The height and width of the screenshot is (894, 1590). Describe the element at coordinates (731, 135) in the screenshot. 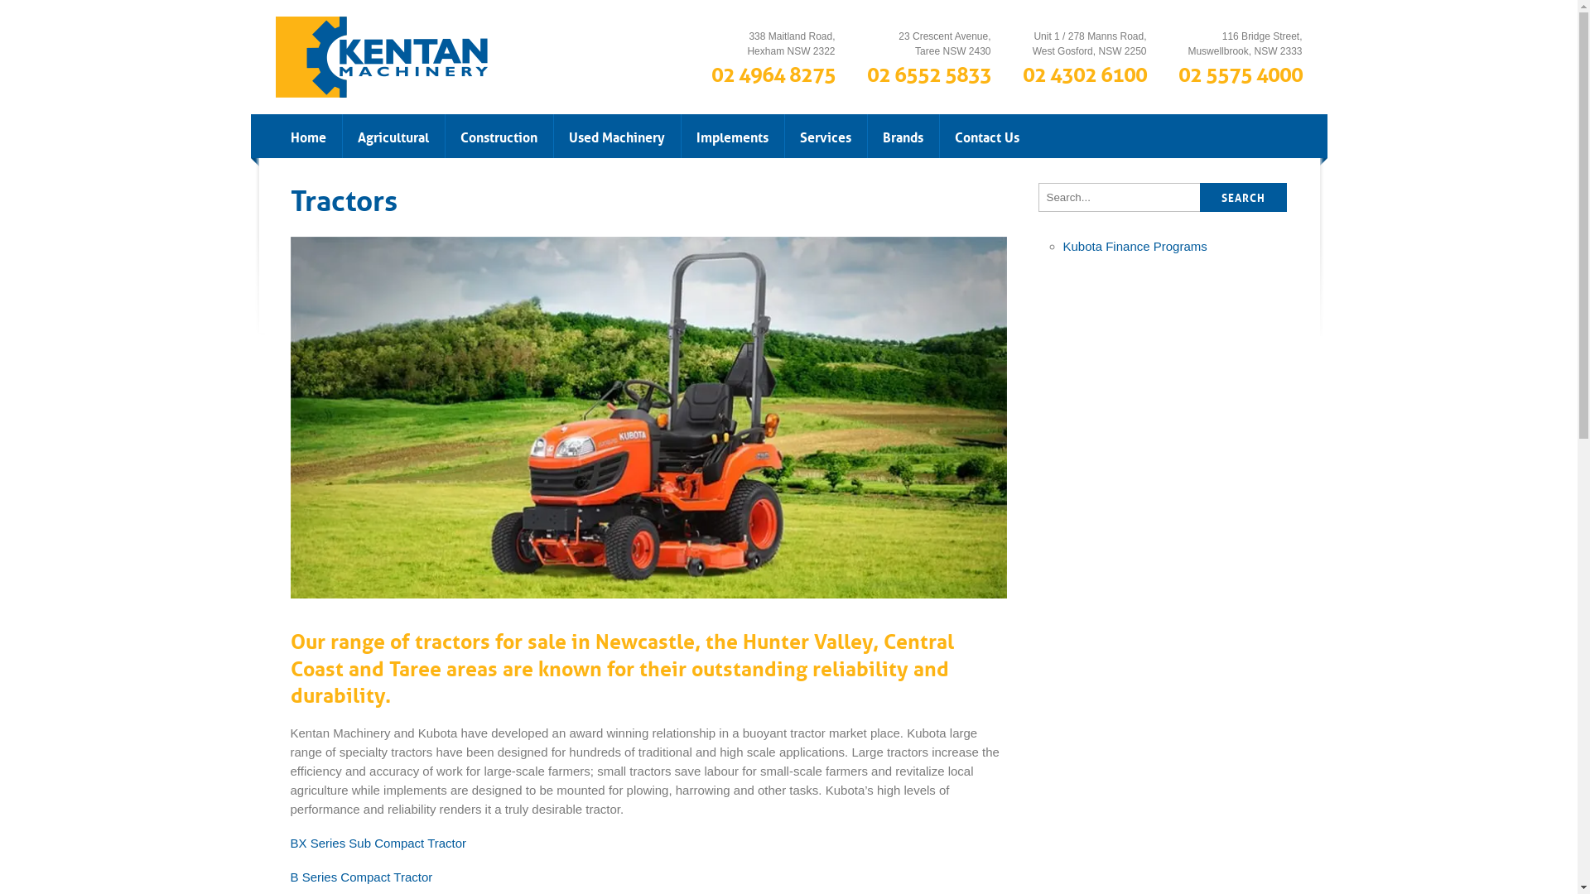

I see `'Implements'` at that location.